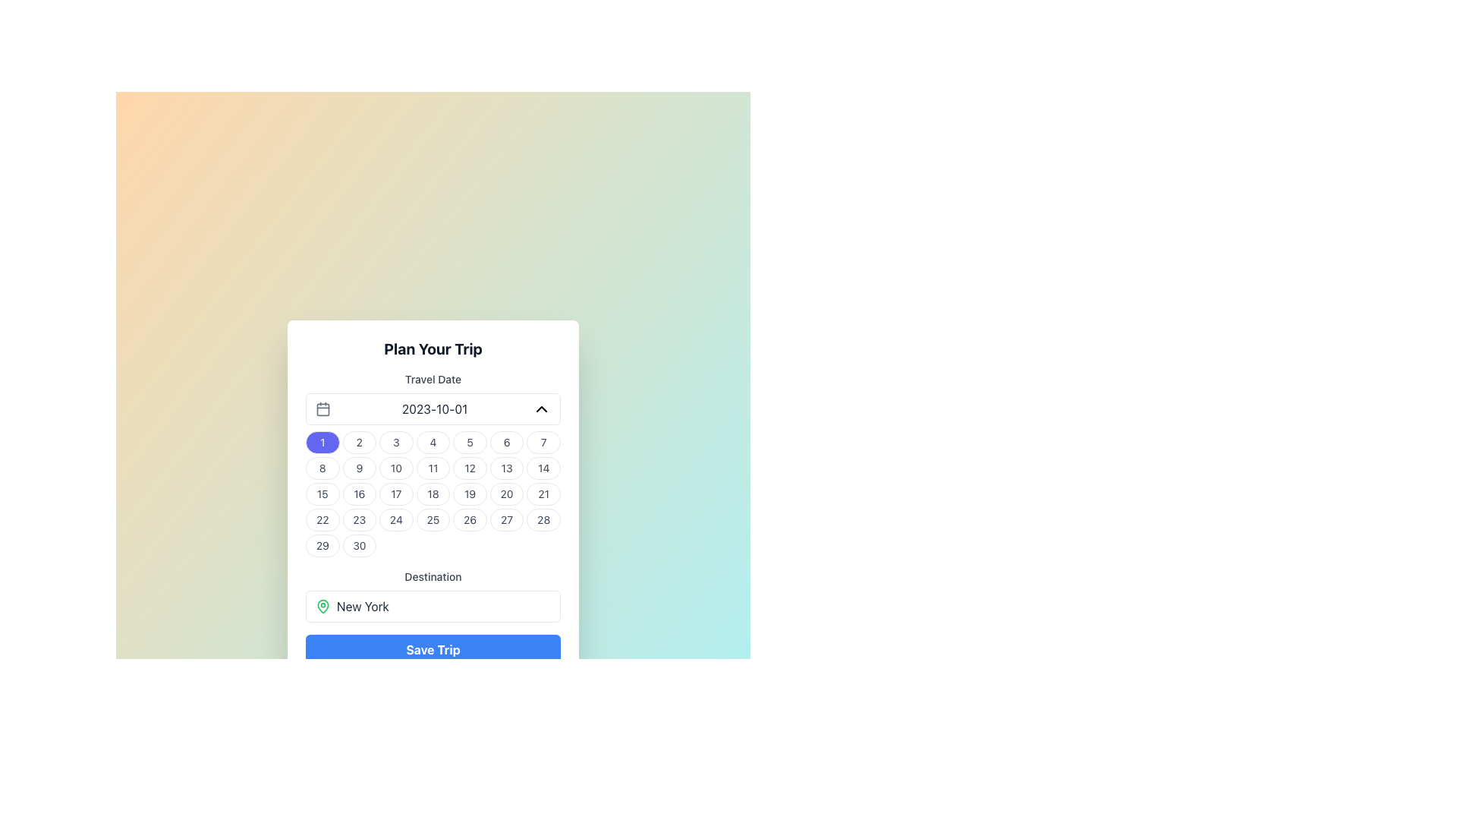 The height and width of the screenshot is (820, 1457). What do you see at coordinates (469, 442) in the screenshot?
I see `the circular button labeled '5' located in the first row and fifth column of the calendar interface below the 'Travel Date' section` at bounding box center [469, 442].